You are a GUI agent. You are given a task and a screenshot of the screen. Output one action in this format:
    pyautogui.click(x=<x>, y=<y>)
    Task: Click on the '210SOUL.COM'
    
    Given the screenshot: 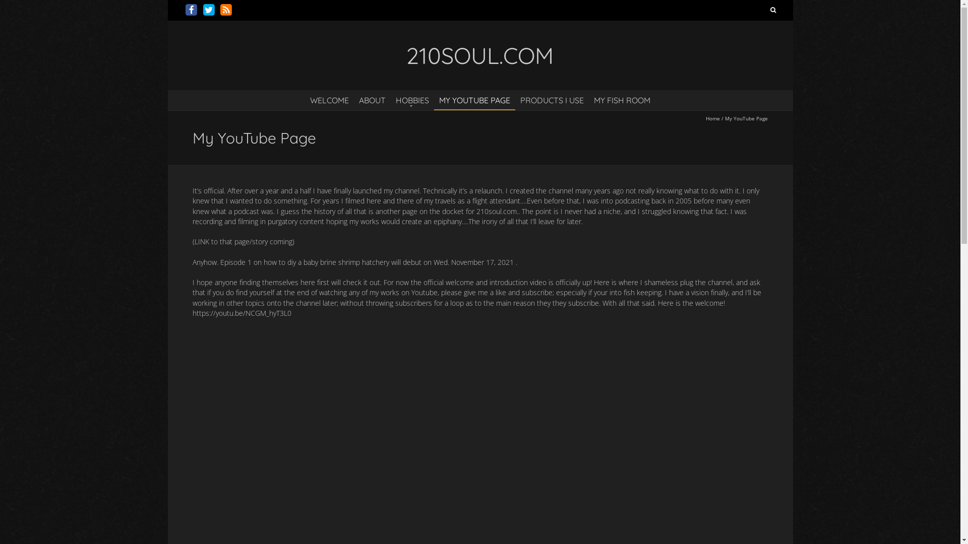 What is the action you would take?
    pyautogui.click(x=193, y=55)
    